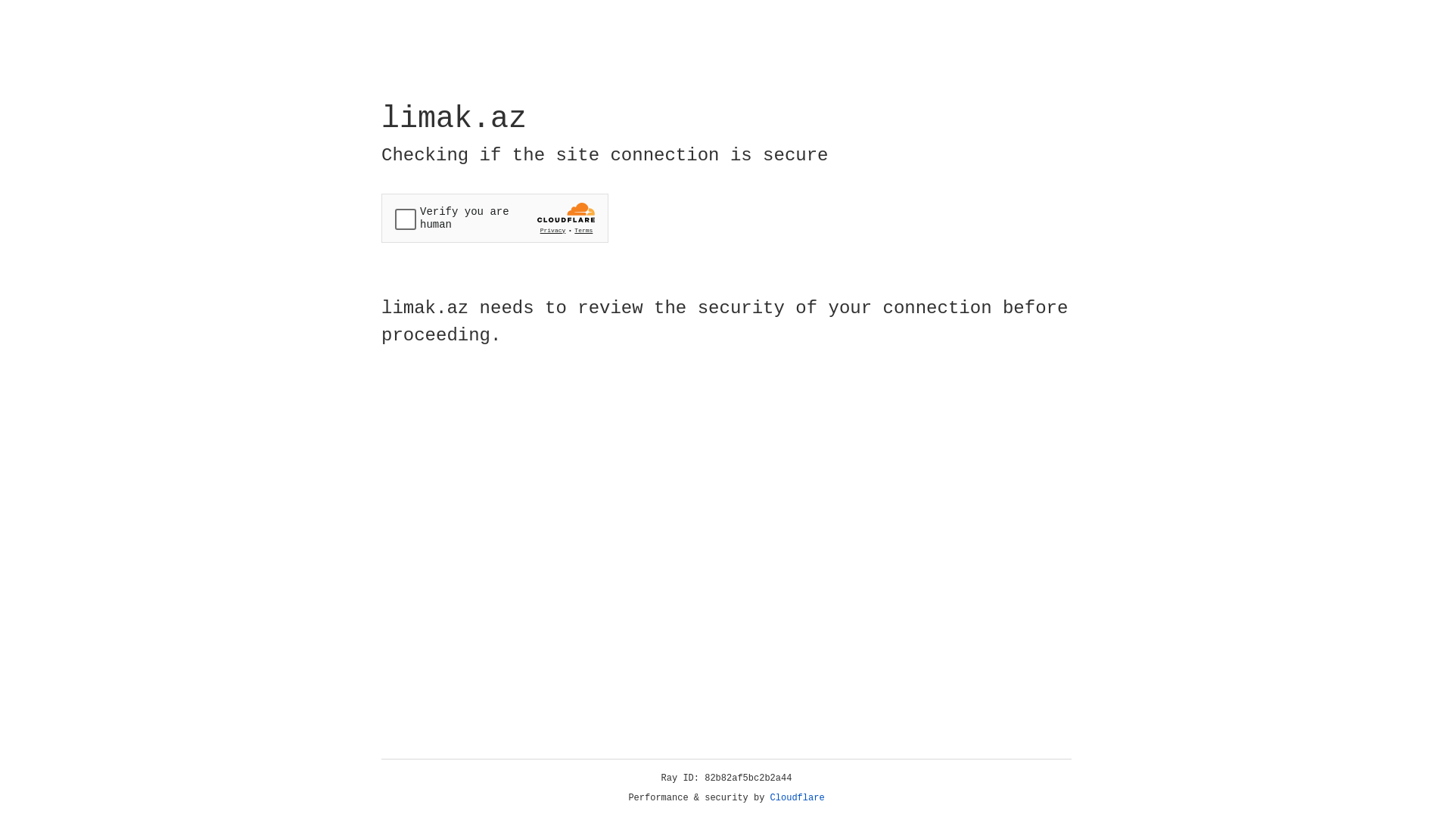  Describe the element at coordinates (494, 218) in the screenshot. I see `'Widget containing a Cloudflare security challenge'` at that location.